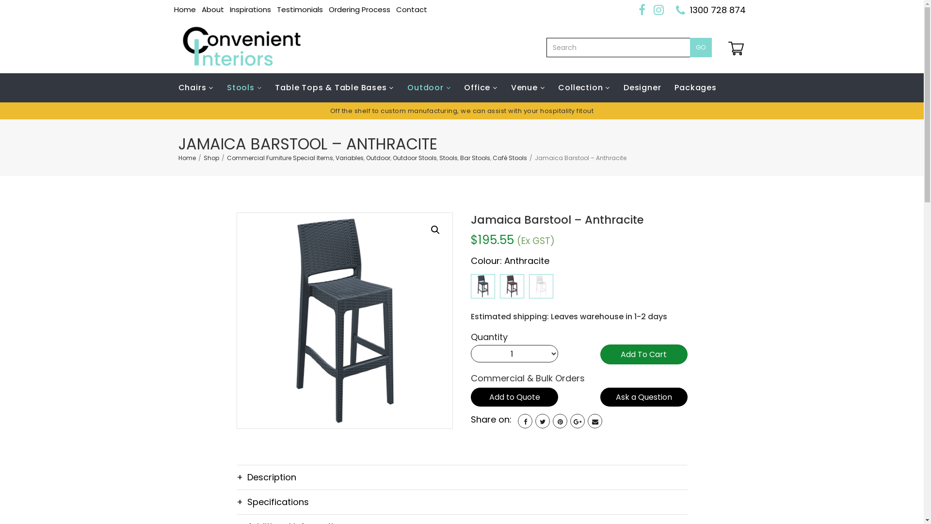 This screenshot has width=931, height=524. I want to click on 'Testimonials', so click(299, 9).